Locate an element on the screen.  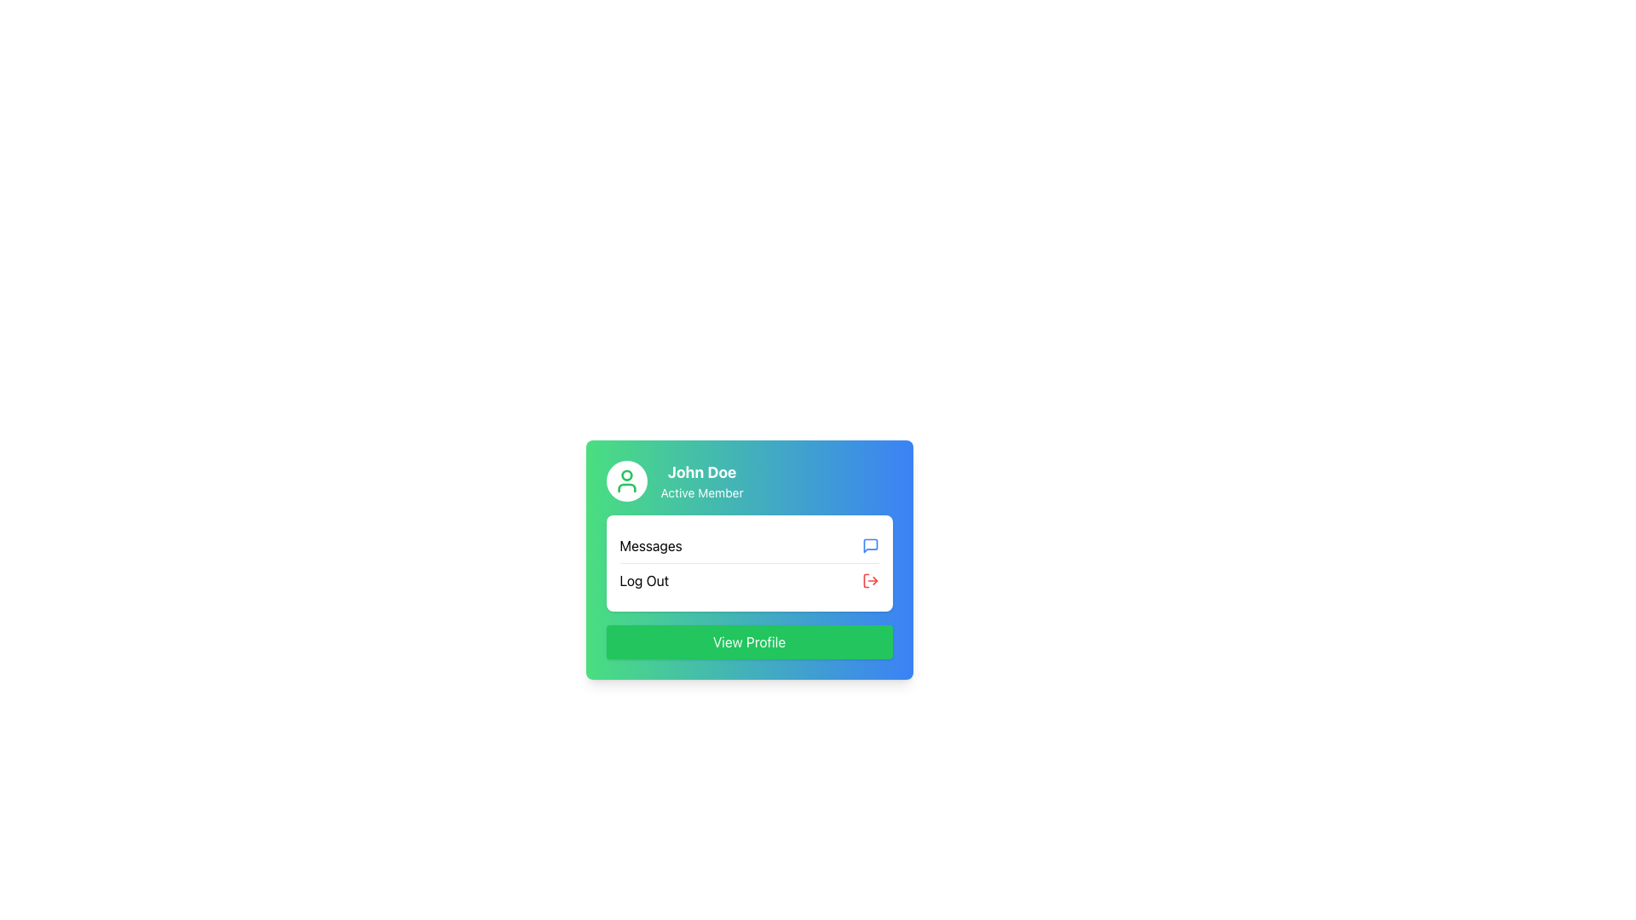
the small circular shape representing a user avatar in the top-center of the SVG icon is located at coordinates (625, 475).